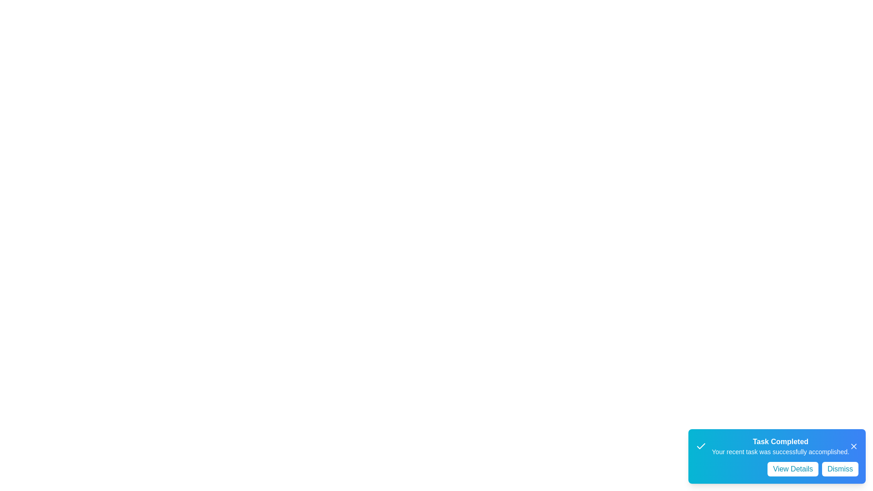 The image size is (873, 491). I want to click on the completion confirmation icon located in the bottom-right notification card, positioned to the left of the success message text, so click(700, 446).